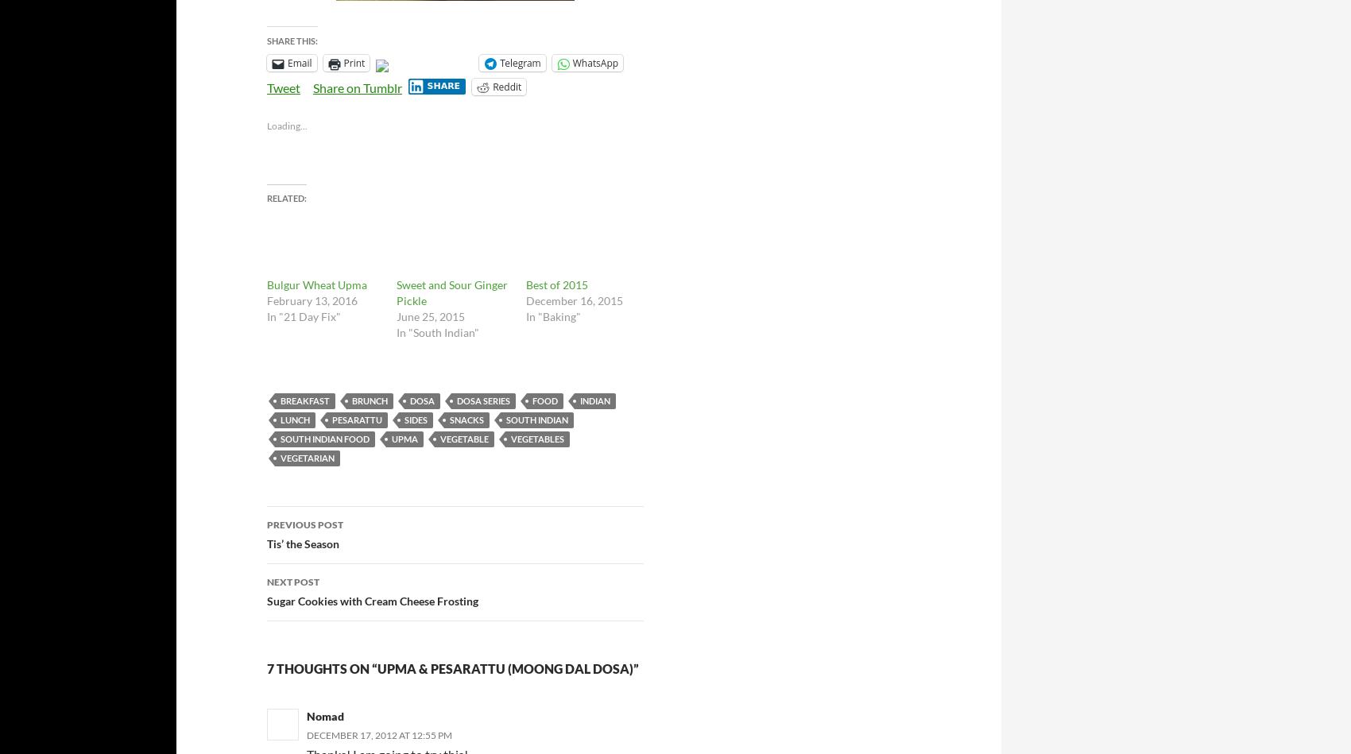 Image resolution: width=1351 pixels, height=754 pixels. I want to click on 'Previous Post', so click(265, 524).